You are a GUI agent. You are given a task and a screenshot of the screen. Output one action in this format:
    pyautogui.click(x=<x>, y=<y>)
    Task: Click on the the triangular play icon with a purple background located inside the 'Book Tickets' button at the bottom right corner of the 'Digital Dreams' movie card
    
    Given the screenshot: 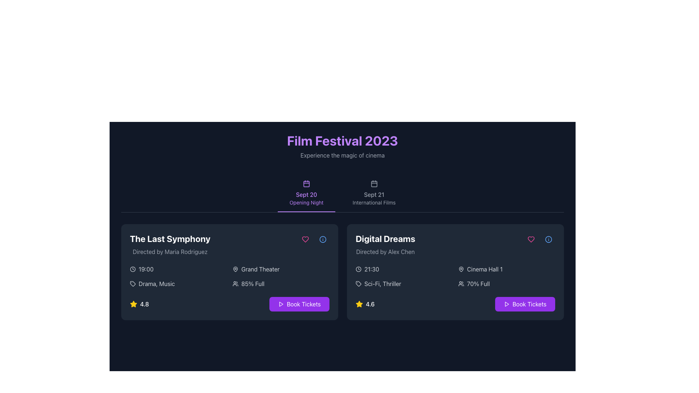 What is the action you would take?
    pyautogui.click(x=280, y=304)
    